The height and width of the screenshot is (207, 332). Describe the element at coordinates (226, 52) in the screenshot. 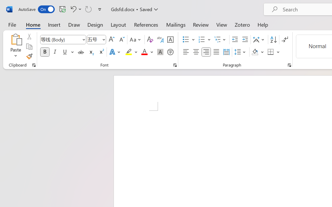

I see `'Distributed'` at that location.